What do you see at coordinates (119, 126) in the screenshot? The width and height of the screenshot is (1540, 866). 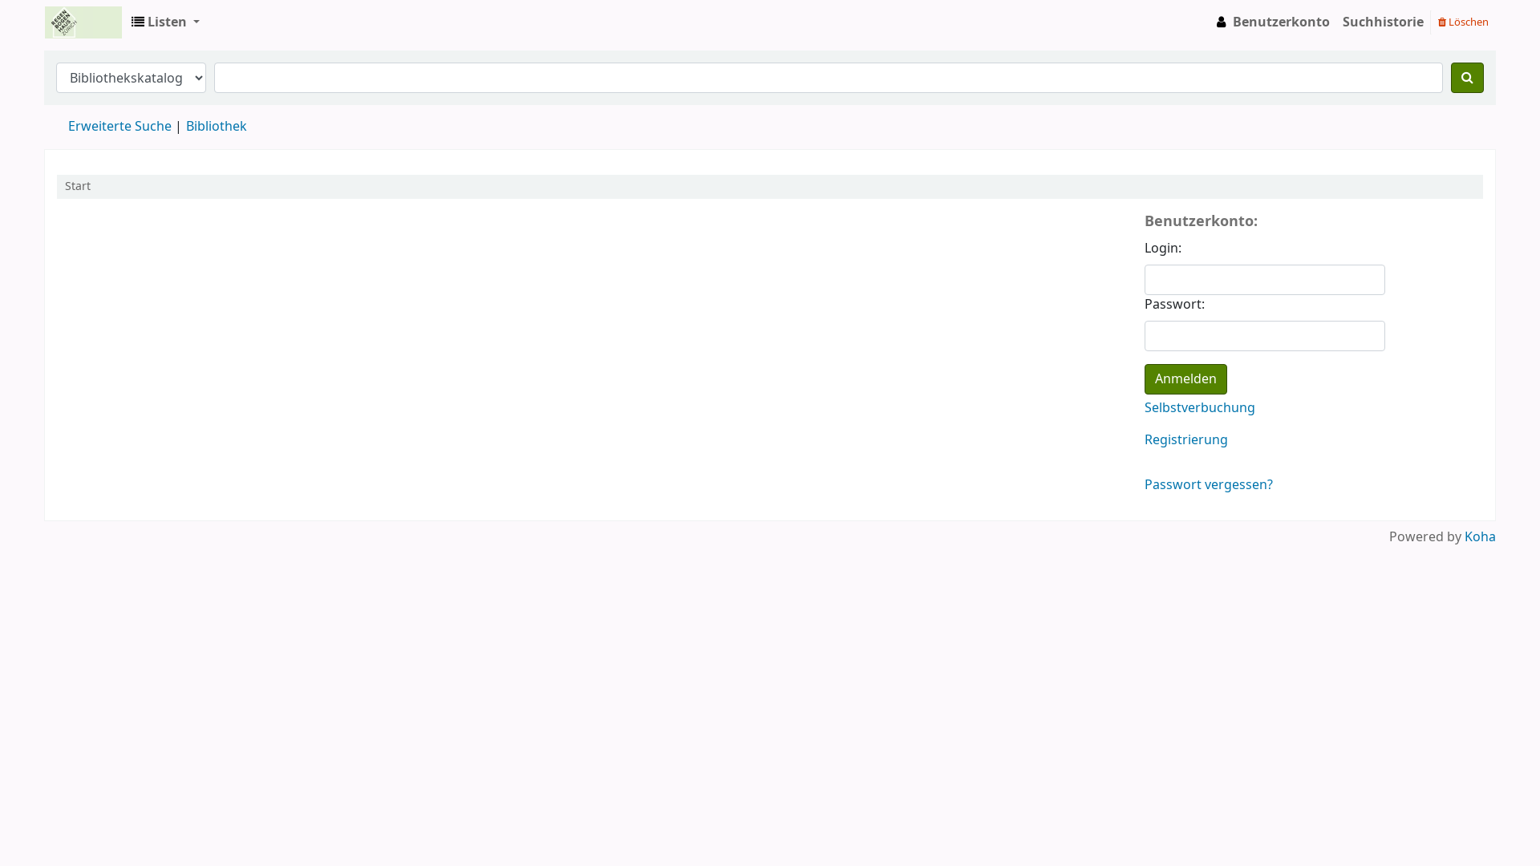 I see `'Erweiterte Suche'` at bounding box center [119, 126].